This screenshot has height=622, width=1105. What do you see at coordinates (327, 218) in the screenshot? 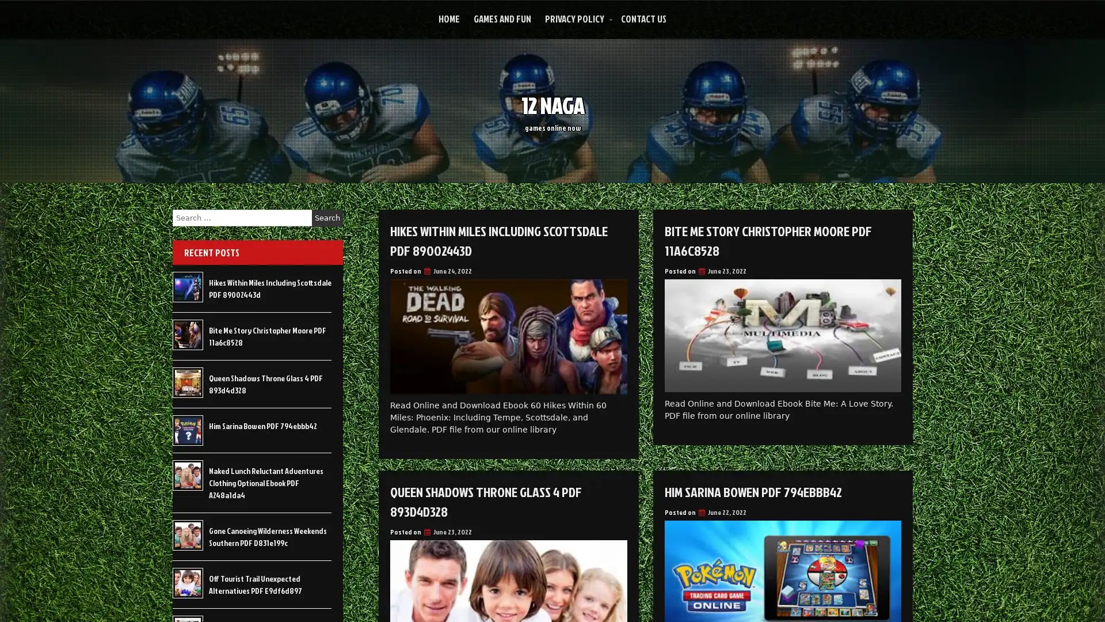
I see `Search` at bounding box center [327, 218].